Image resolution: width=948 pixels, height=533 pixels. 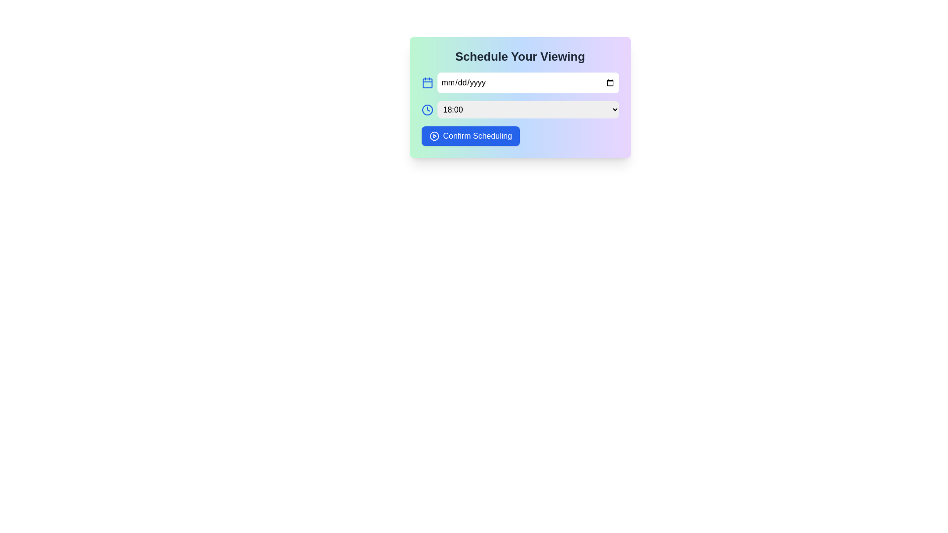 What do you see at coordinates (434, 136) in the screenshot?
I see `the circular play icon with a triangular play button in its center, which is located to the left of the blue 'Confirm Scheduling' button` at bounding box center [434, 136].